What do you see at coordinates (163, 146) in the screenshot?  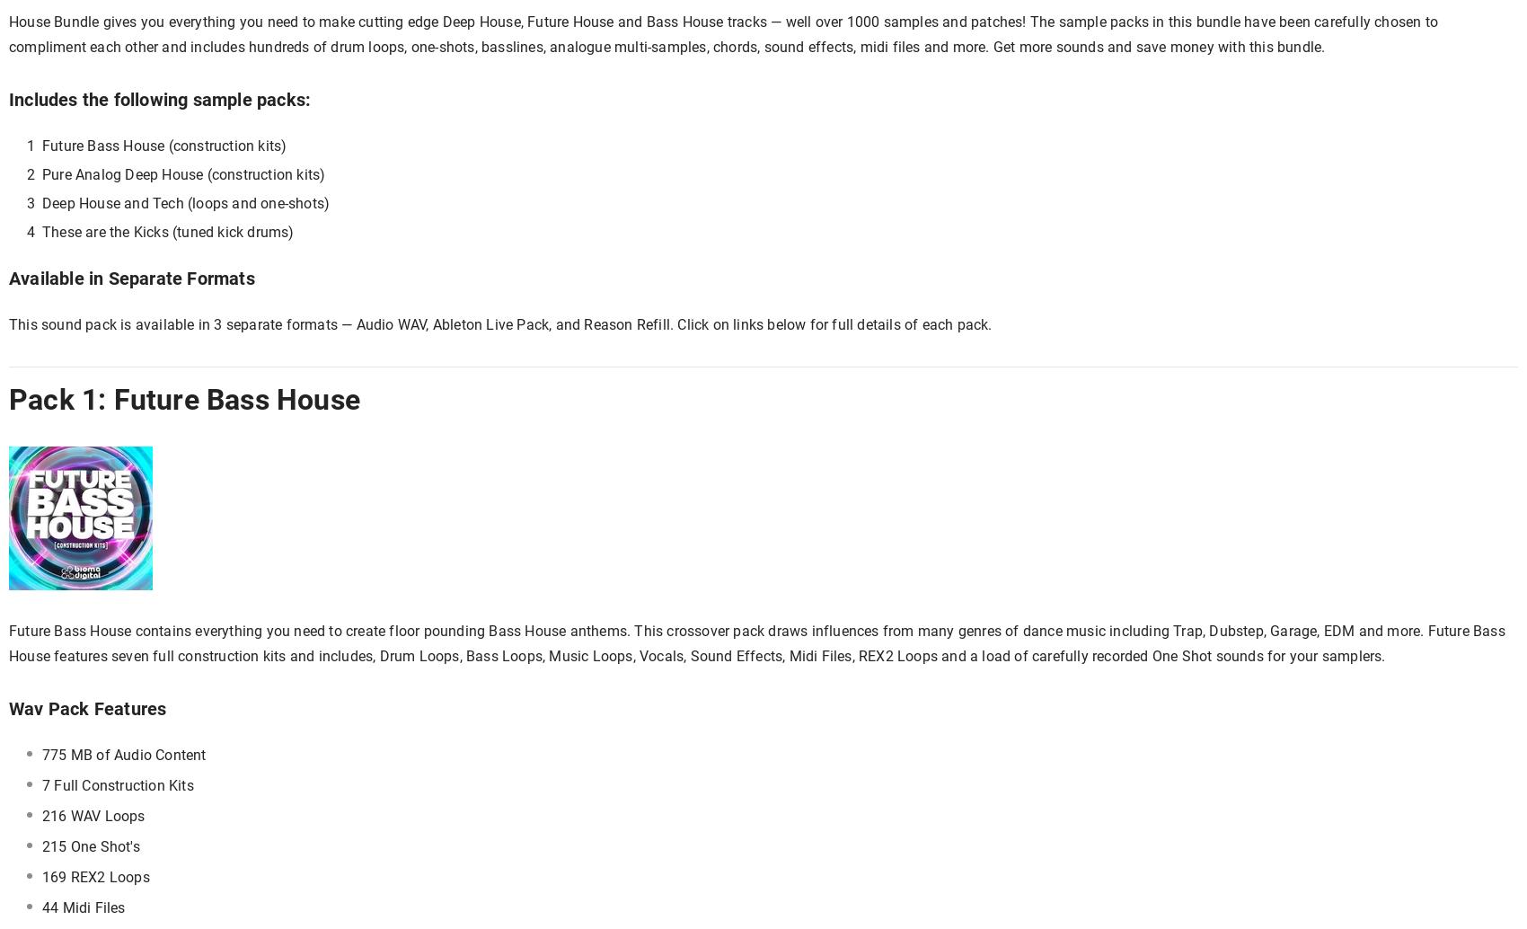 I see `'Future Bass House (construction kits)'` at bounding box center [163, 146].